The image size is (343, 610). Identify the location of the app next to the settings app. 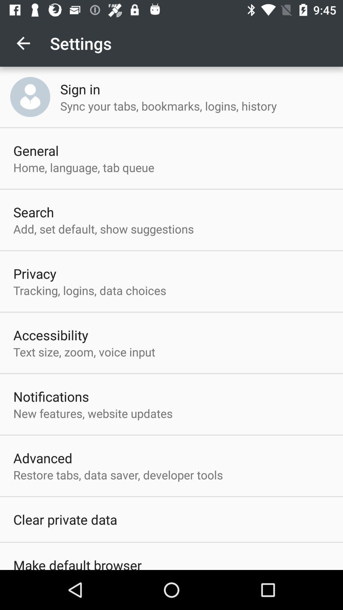
(23, 43).